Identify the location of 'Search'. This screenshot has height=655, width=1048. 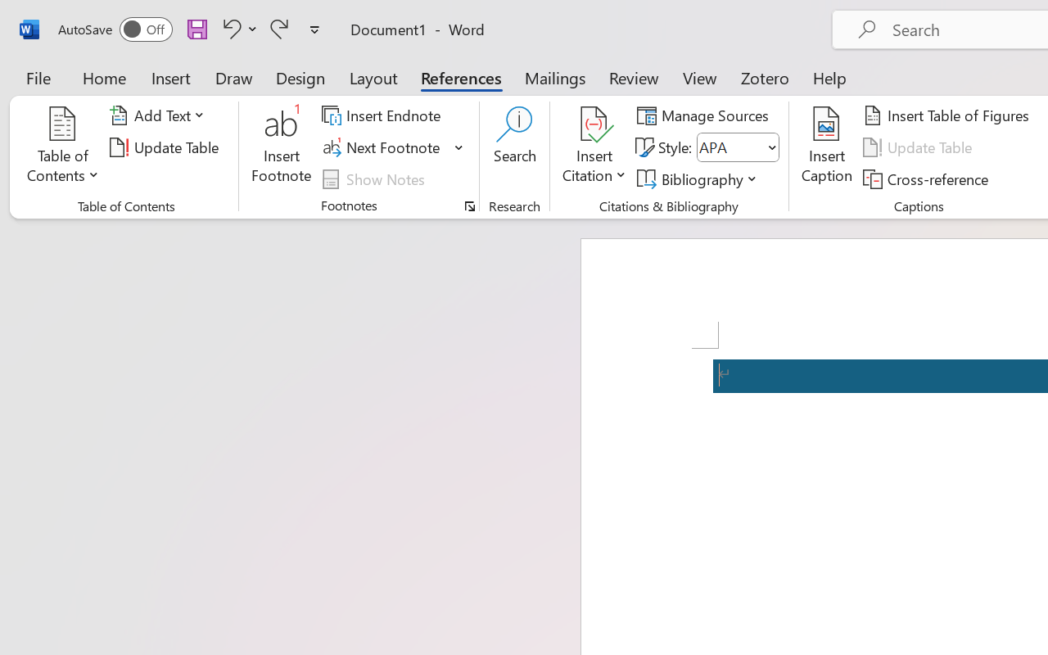
(514, 147).